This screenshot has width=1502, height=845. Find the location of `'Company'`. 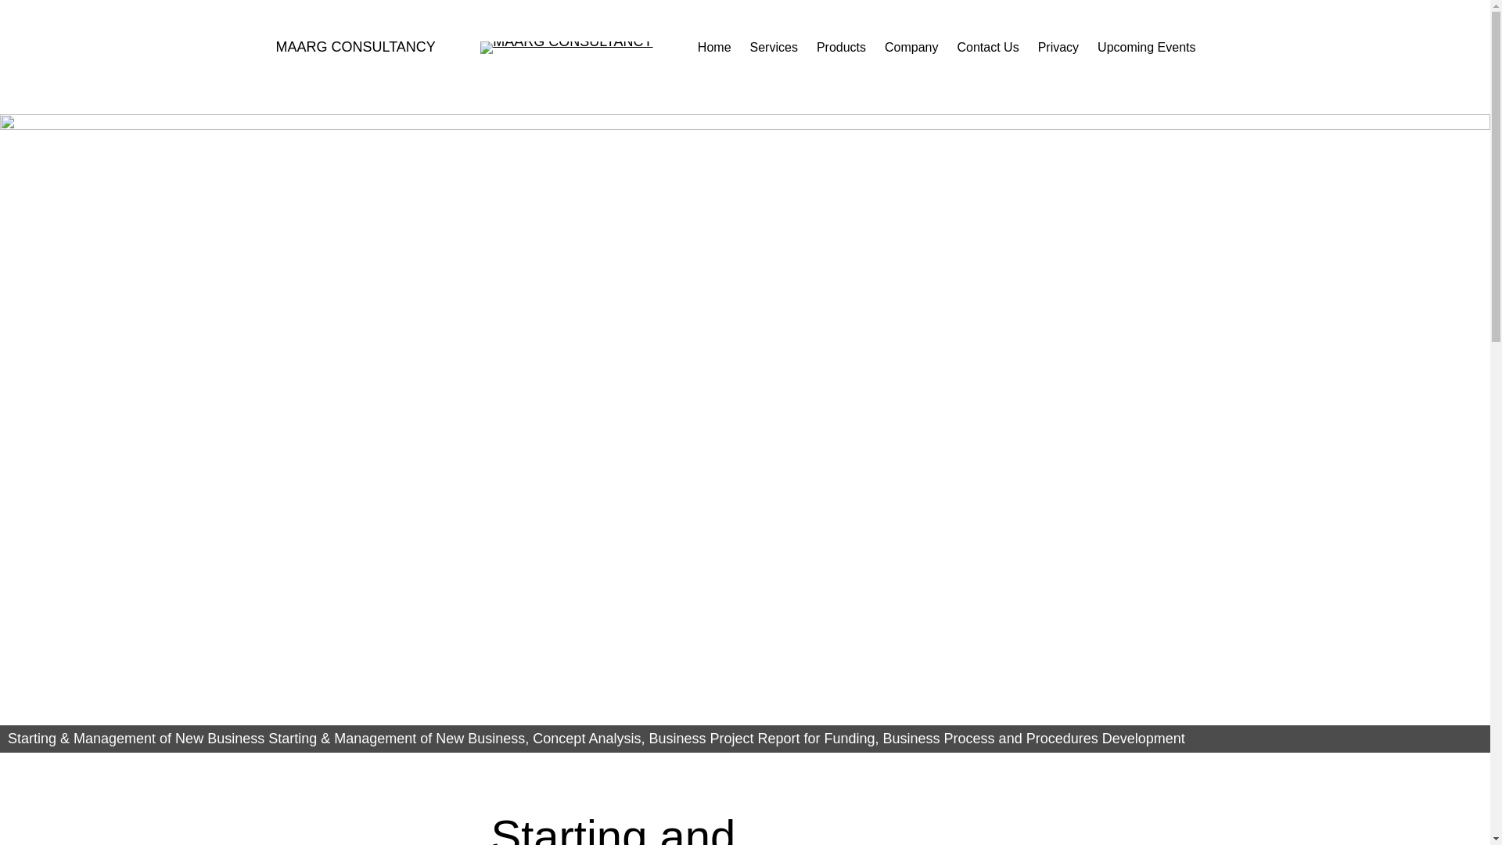

'Company' is located at coordinates (911, 47).